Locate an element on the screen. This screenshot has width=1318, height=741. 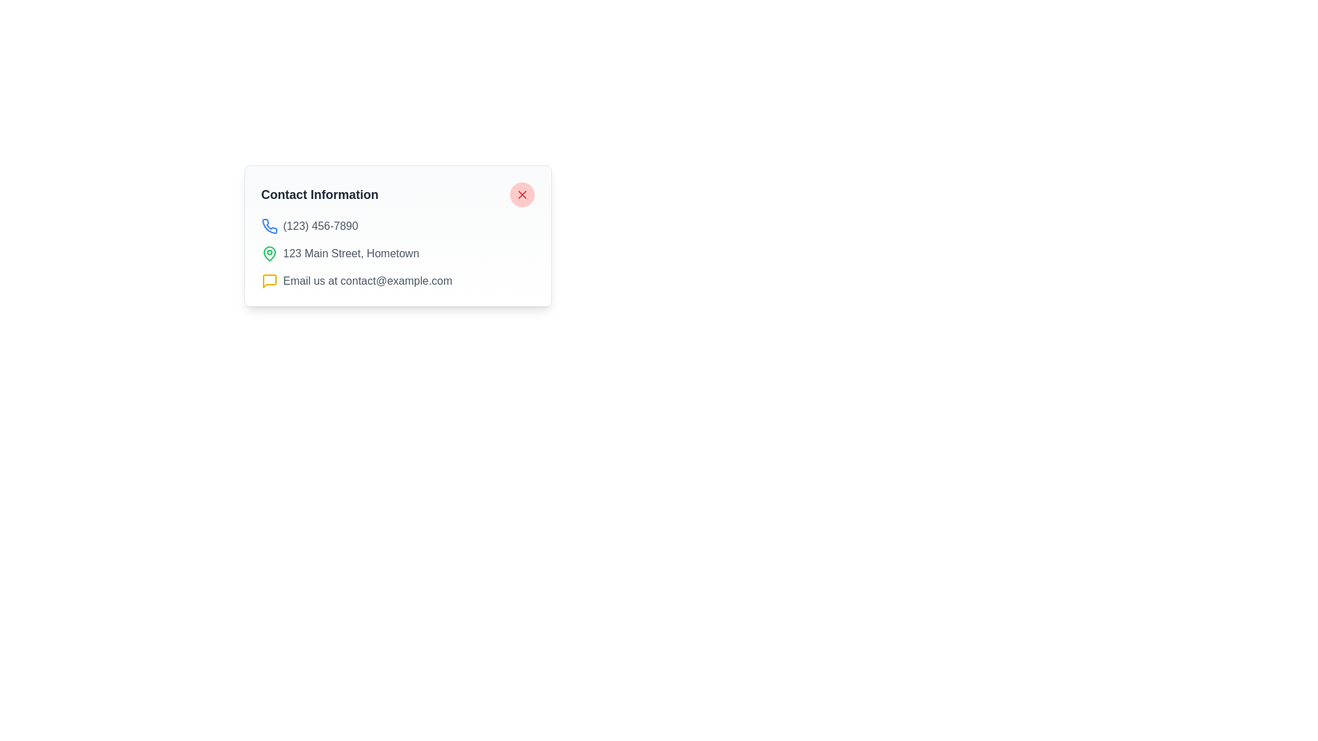
the close ('X') icon in the upper-right corner of the contact information card is located at coordinates (521, 195).